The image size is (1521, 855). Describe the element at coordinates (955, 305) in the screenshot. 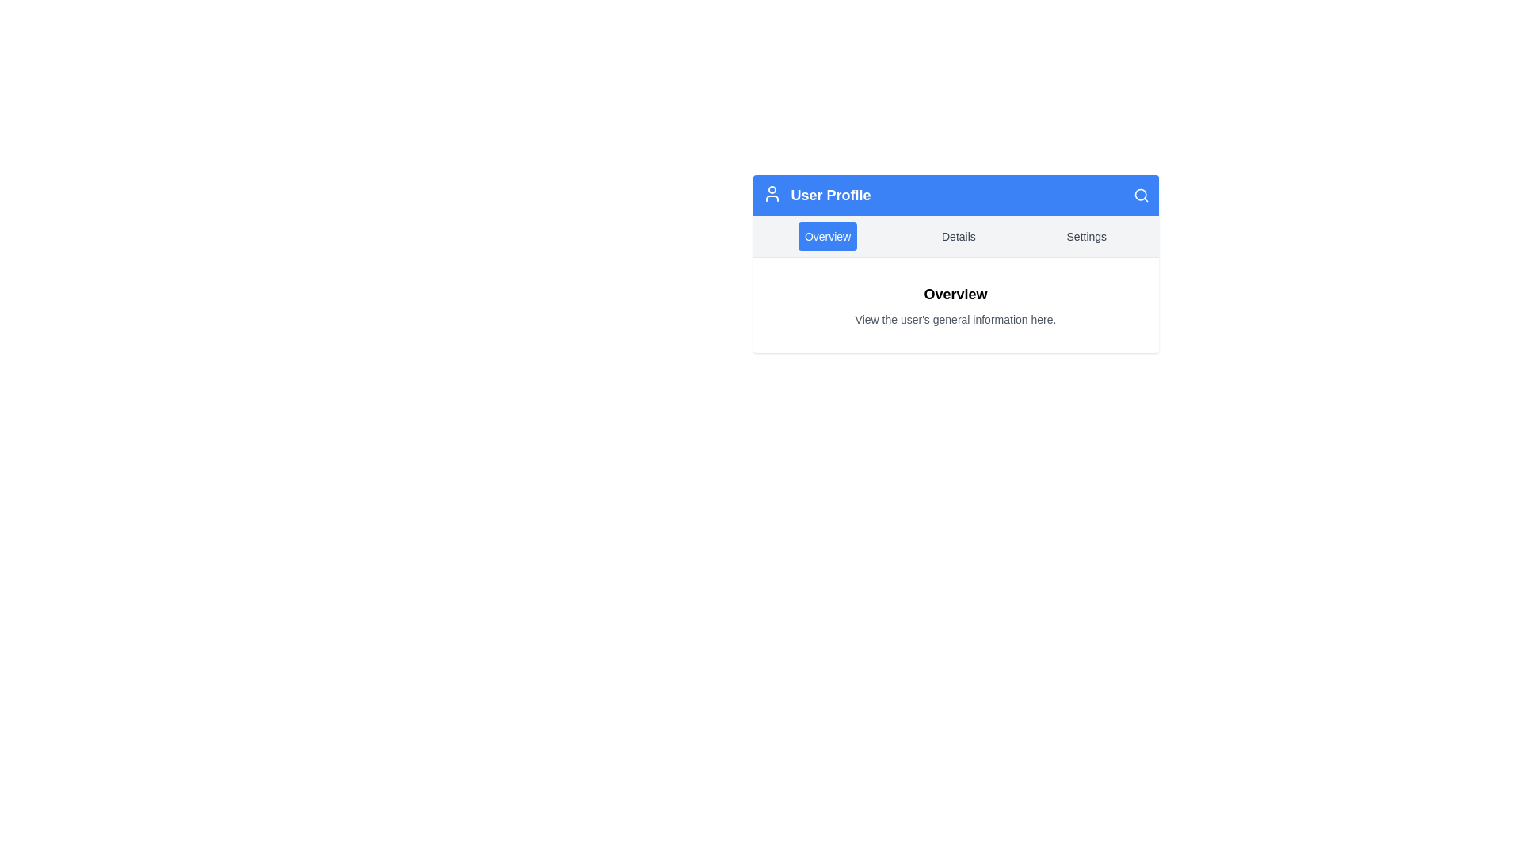

I see `text from the Text block located below the 'User Profile' navigation bar, which provides an introductory heading and description for the 'Overview' section` at that location.